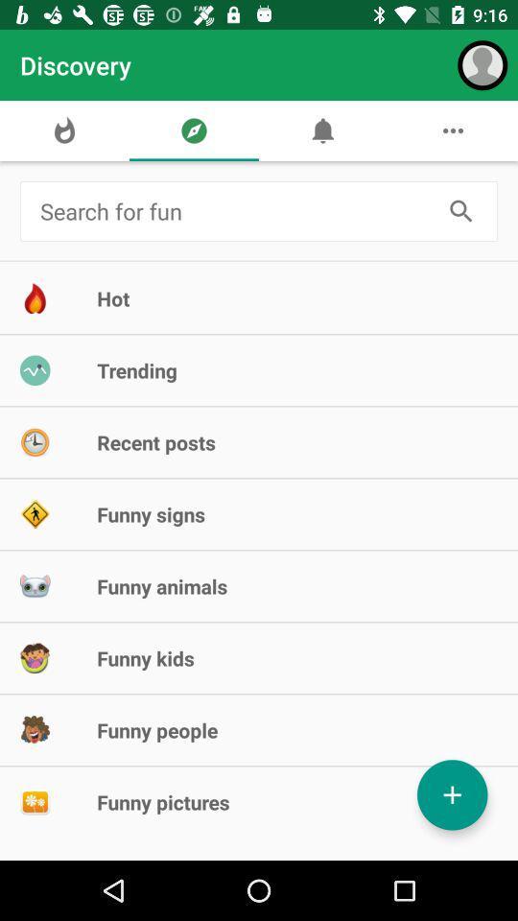  Describe the element at coordinates (235, 211) in the screenshot. I see `search the article` at that location.